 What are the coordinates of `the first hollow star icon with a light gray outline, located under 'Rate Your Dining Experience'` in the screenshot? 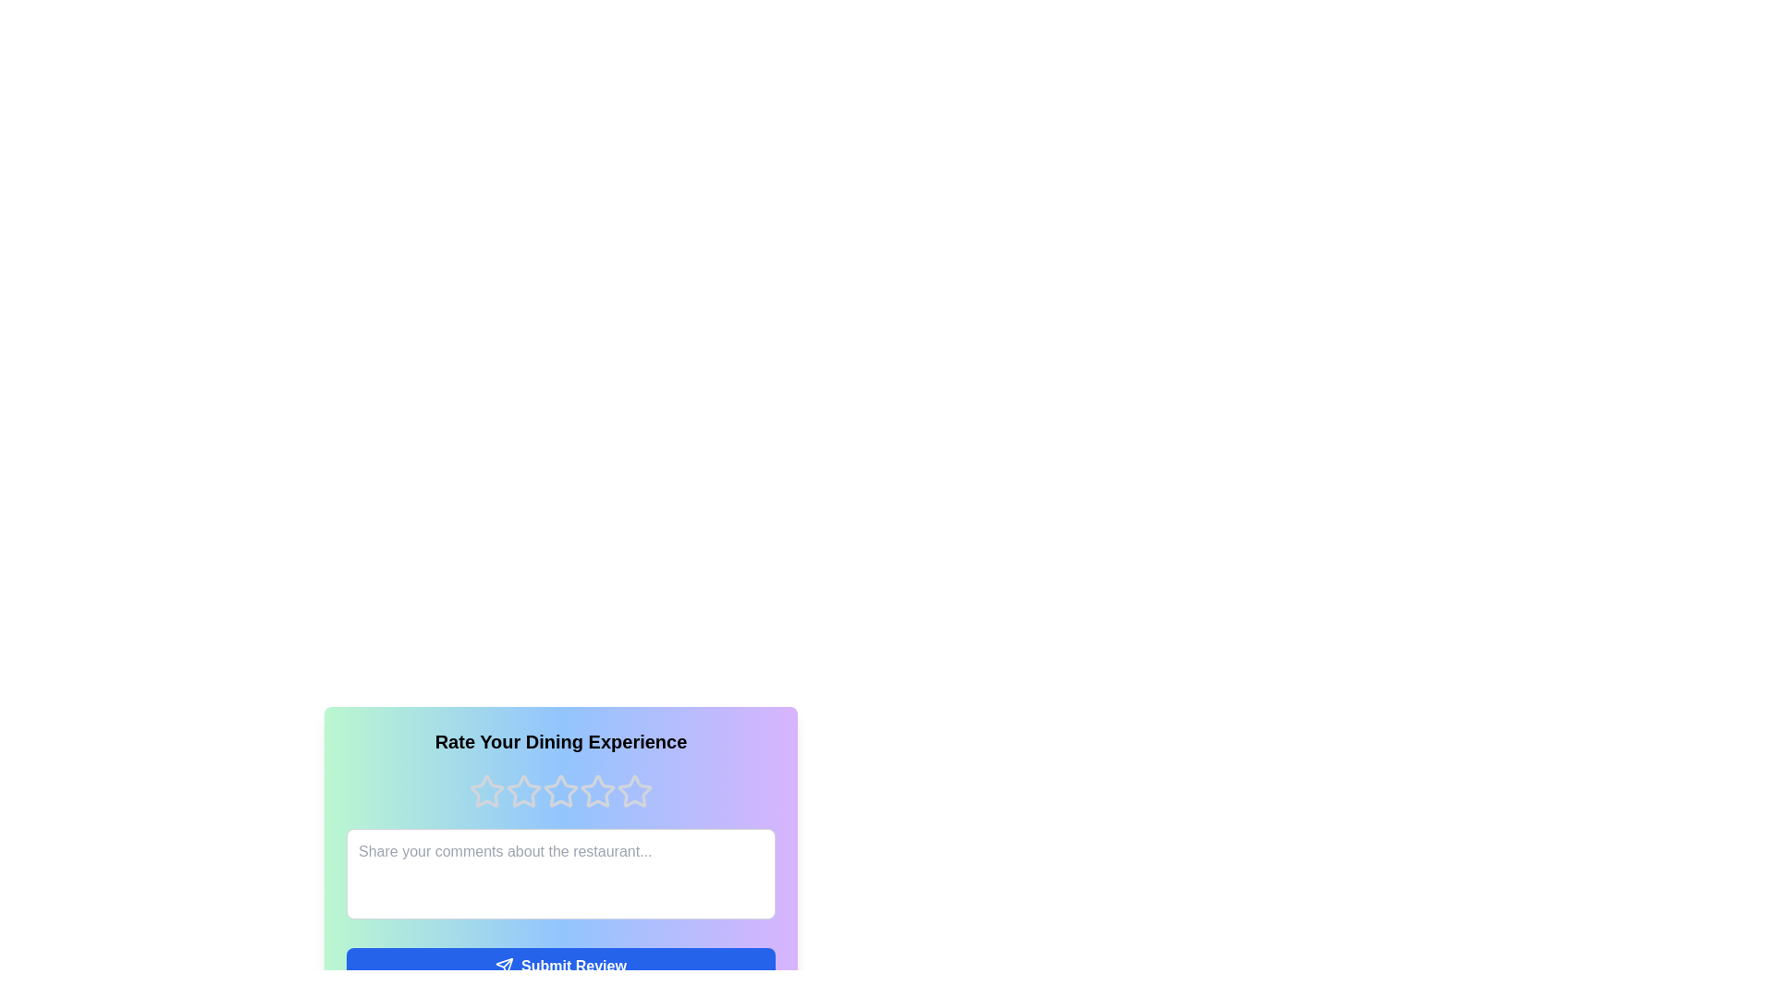 It's located at (487, 790).